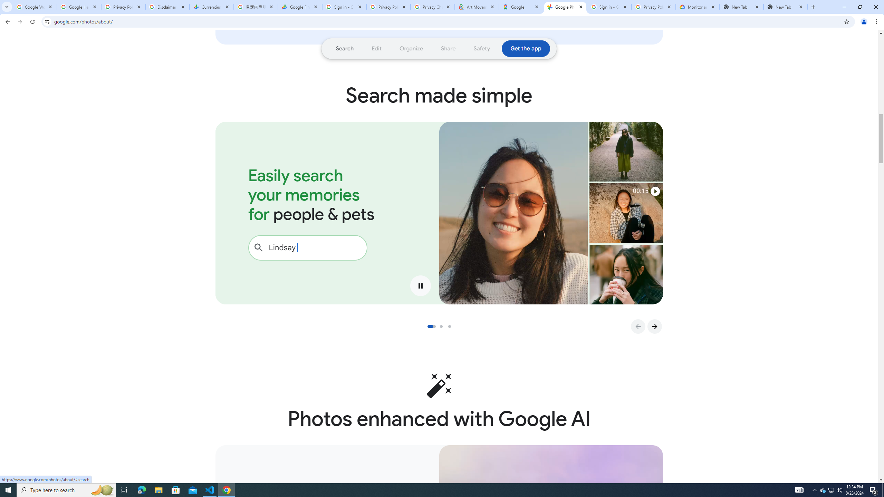  What do you see at coordinates (448, 49) in the screenshot?
I see `'Go to section: Share'` at bounding box center [448, 49].